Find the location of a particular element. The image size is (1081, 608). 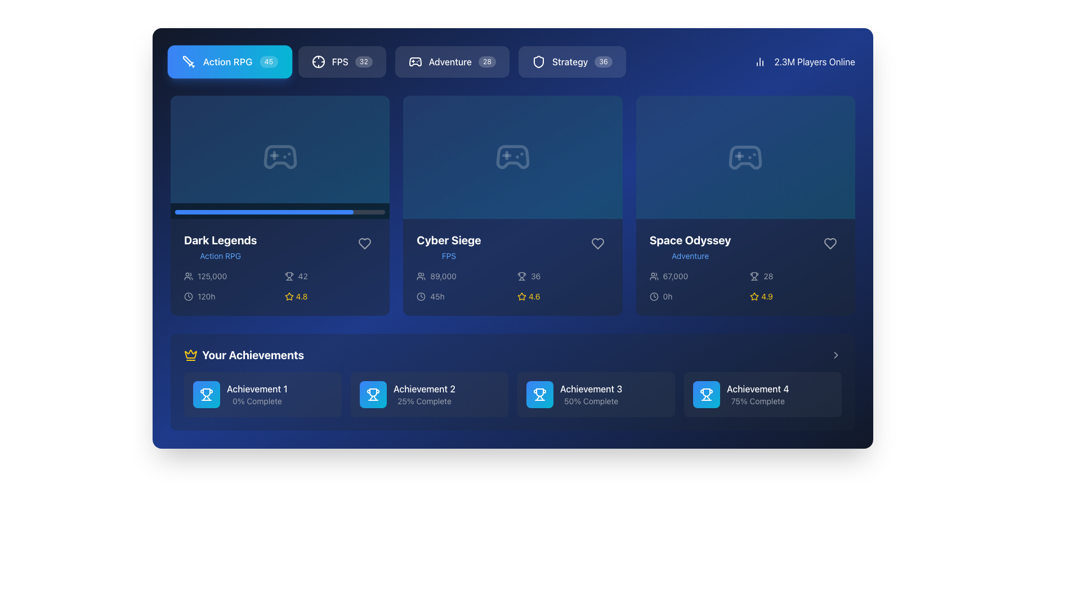

the 'Action RPG' icon located on the left side of the horizontal category bar is located at coordinates (189, 62).